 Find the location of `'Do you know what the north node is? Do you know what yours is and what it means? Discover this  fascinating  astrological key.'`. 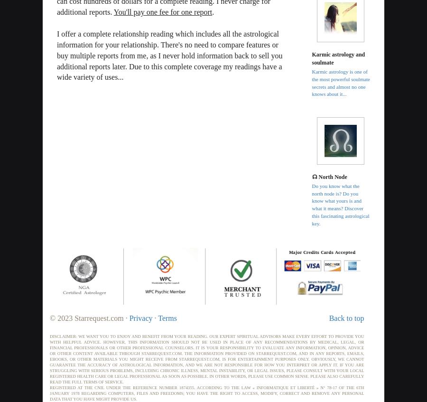

'Do you know what the north node is? Do you know what yours is and what it means? Discover this  fascinating  astrological key.' is located at coordinates (312, 205).